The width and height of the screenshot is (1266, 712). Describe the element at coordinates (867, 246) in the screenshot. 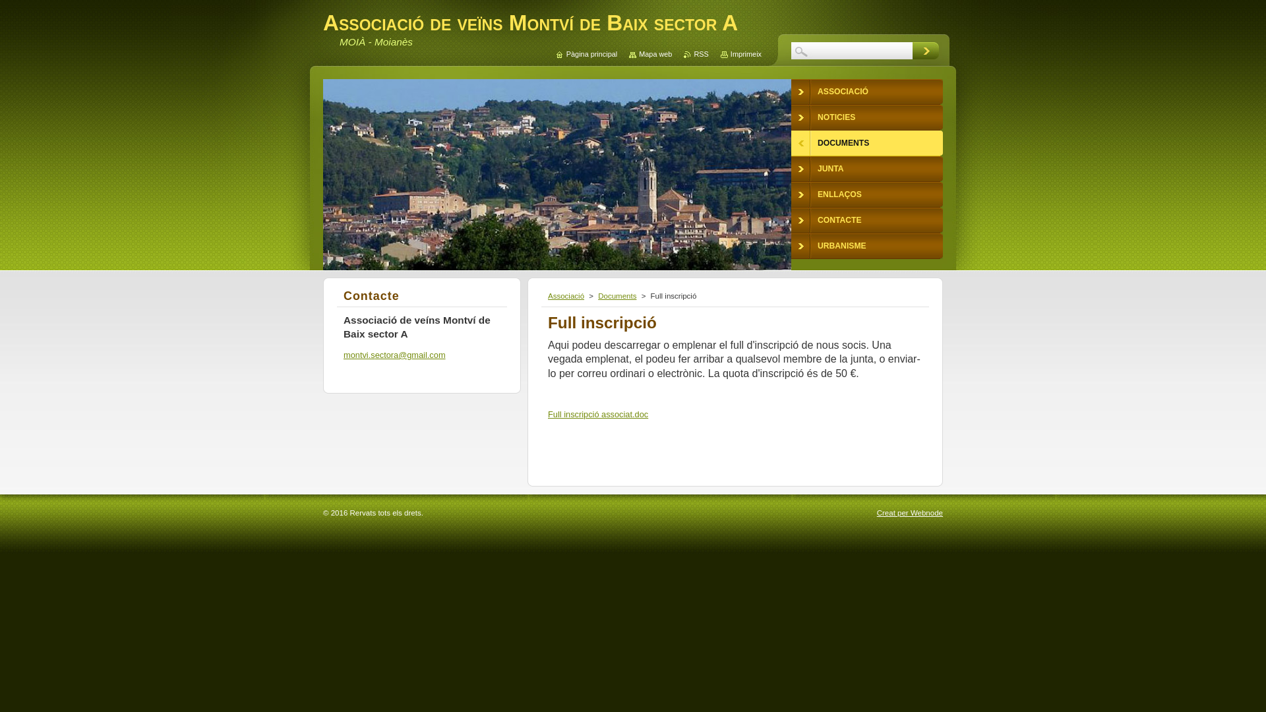

I see `'URBANISME'` at that location.